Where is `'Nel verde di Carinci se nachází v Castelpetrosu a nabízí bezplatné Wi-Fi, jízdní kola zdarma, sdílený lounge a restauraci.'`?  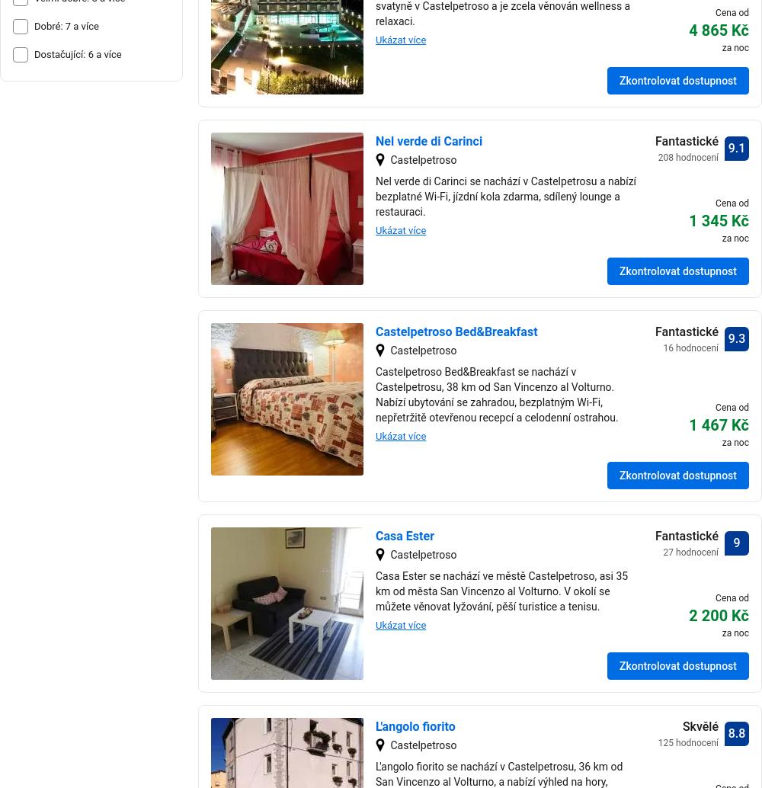
'Nel verde di Carinci se nachází v Castelpetrosu a nabízí bezplatné Wi-Fi, jízdní kola zdarma, sdílený lounge a restauraci.' is located at coordinates (375, 196).